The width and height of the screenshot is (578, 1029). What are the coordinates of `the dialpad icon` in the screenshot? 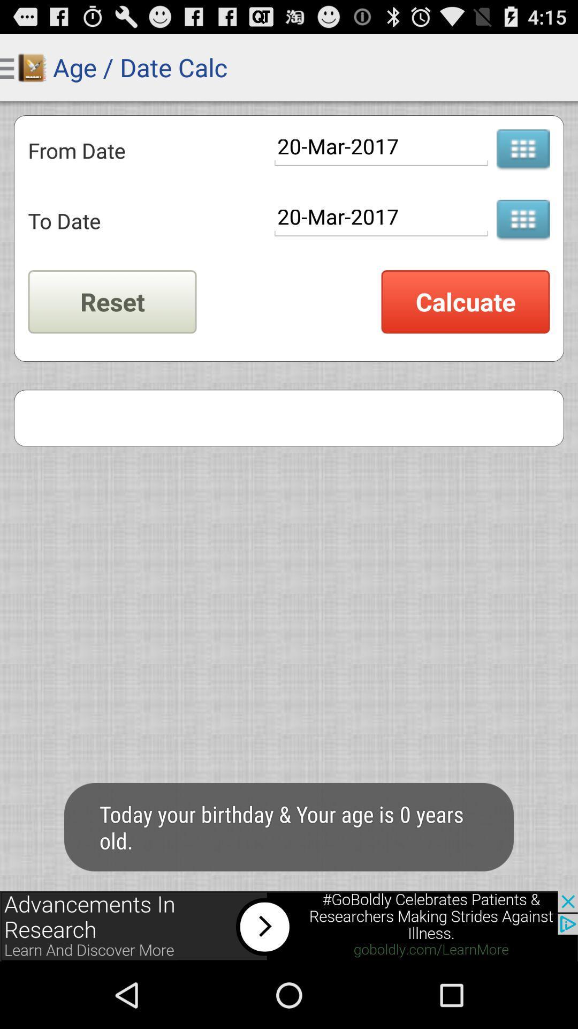 It's located at (522, 160).